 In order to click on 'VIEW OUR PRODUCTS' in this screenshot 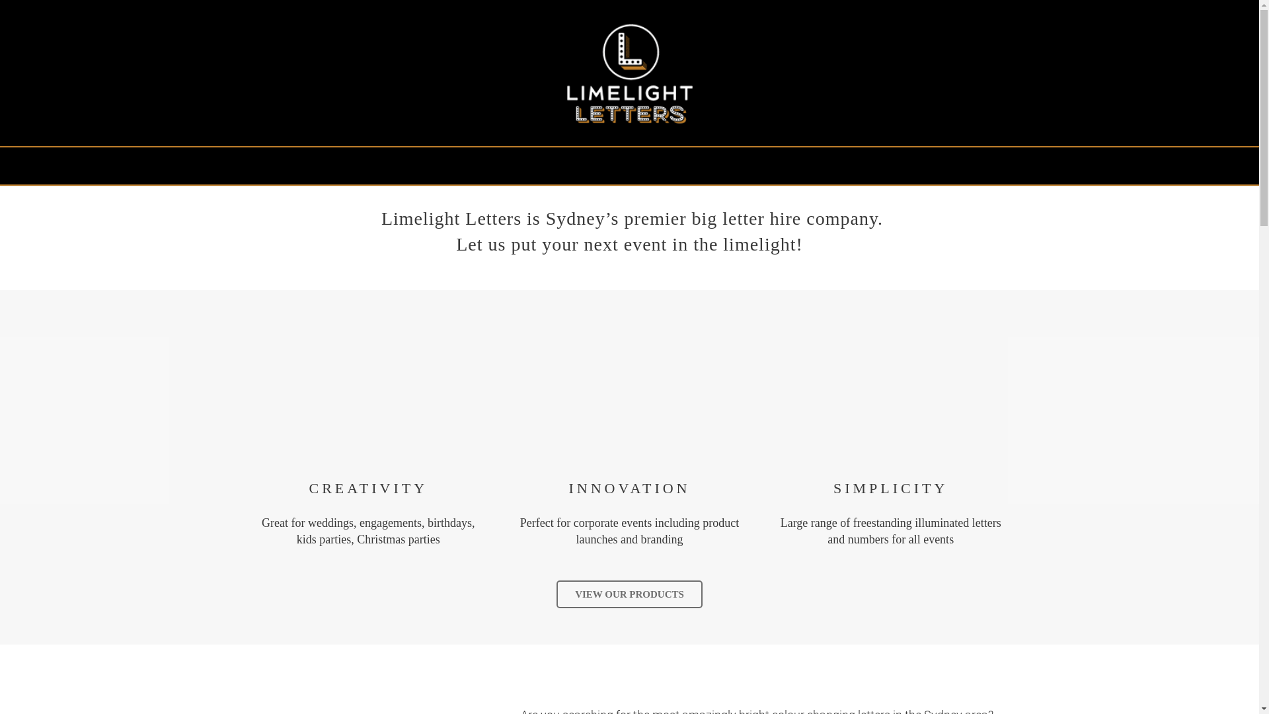, I will do `click(629, 593)`.